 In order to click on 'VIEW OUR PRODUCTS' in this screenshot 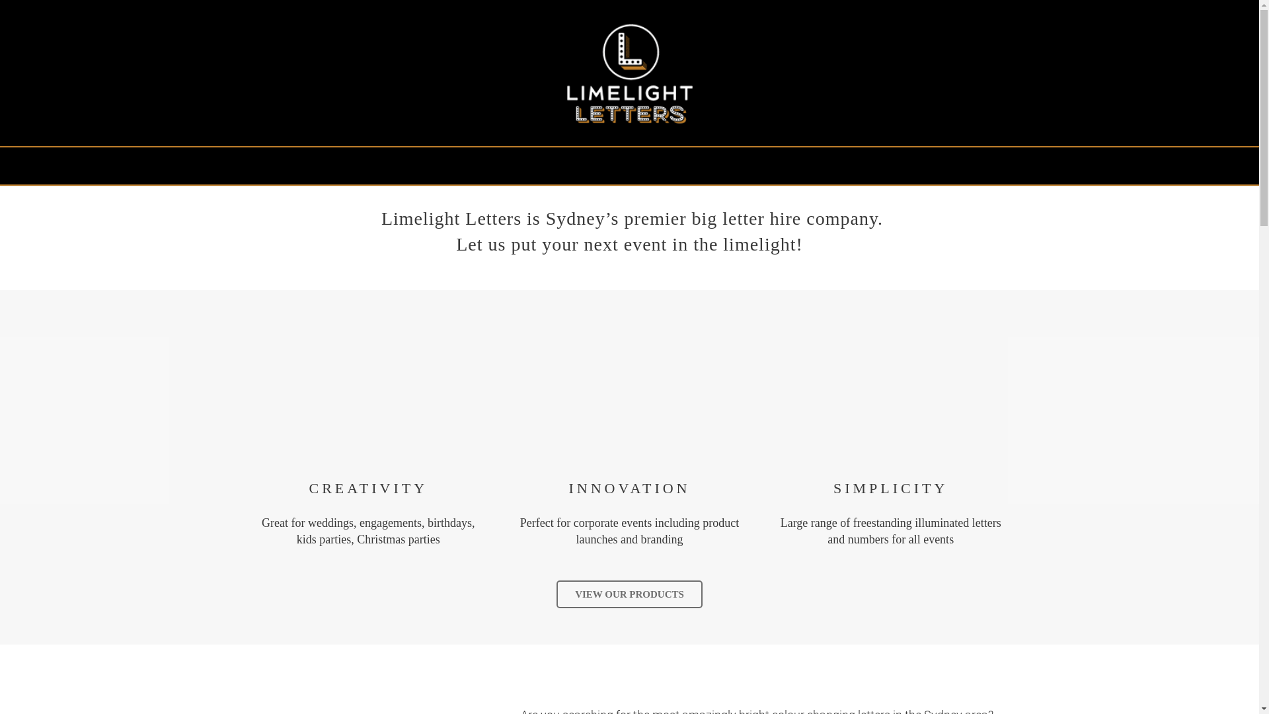, I will do `click(629, 593)`.